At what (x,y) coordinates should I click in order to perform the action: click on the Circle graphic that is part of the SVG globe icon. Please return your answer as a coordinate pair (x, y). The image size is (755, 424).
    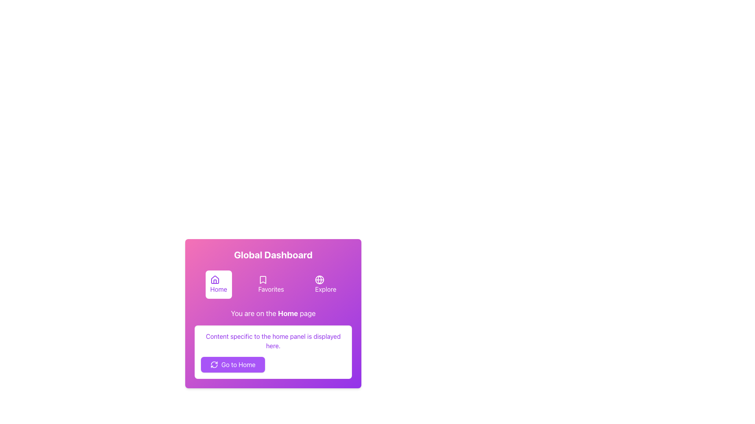
    Looking at the image, I should click on (320, 280).